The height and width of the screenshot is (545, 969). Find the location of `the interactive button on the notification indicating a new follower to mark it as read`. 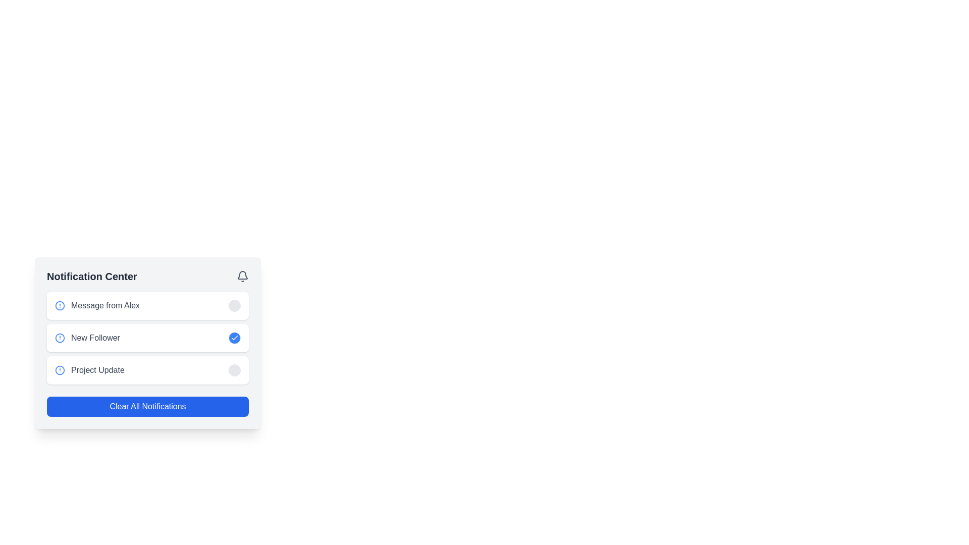

the interactive button on the notification indicating a new follower to mark it as read is located at coordinates (147, 338).